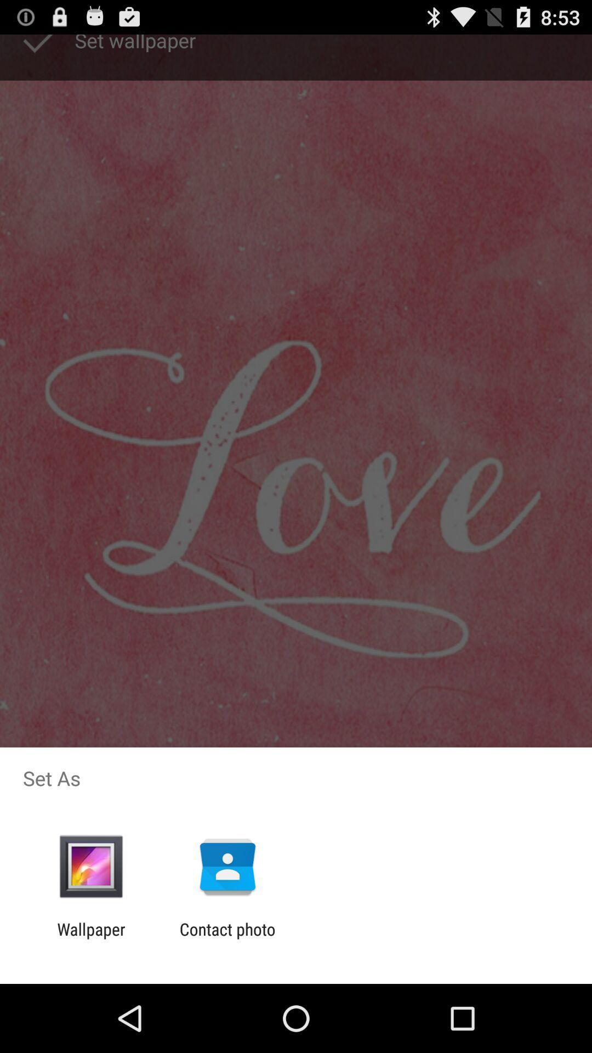 Image resolution: width=592 pixels, height=1053 pixels. I want to click on the icon next to wallpaper icon, so click(227, 938).